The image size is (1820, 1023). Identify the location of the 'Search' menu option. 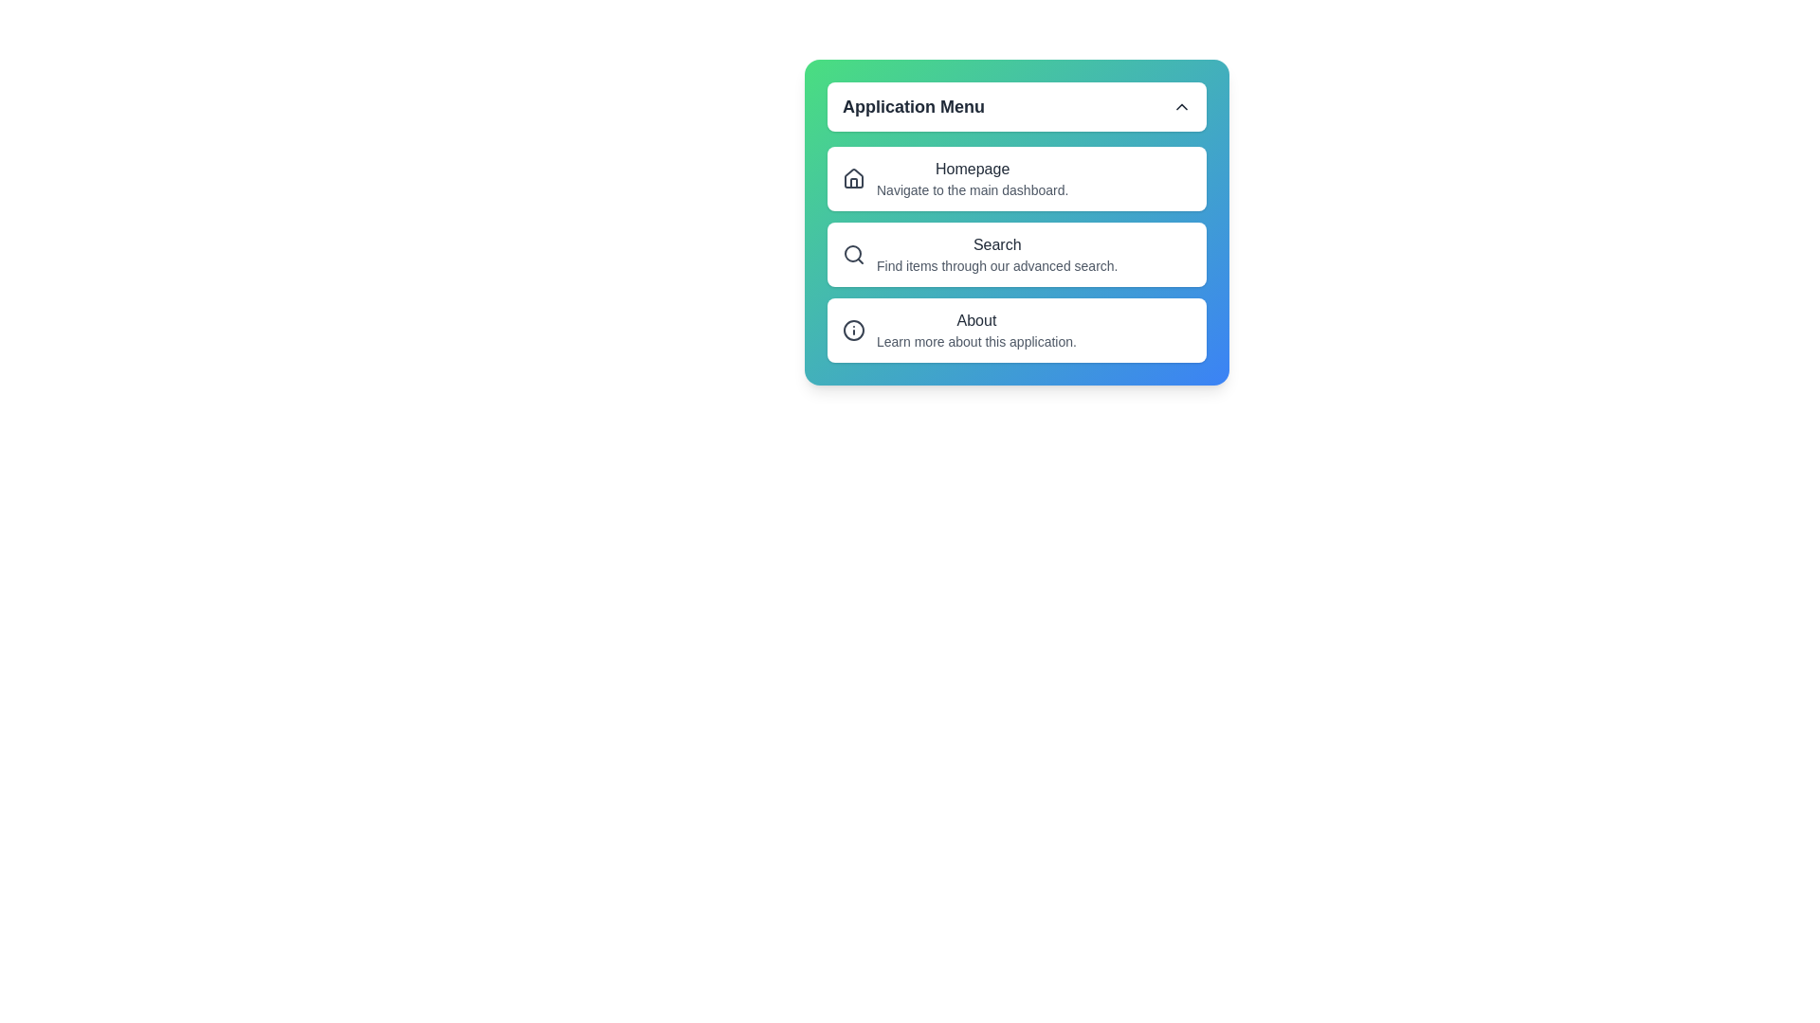
(1016, 254).